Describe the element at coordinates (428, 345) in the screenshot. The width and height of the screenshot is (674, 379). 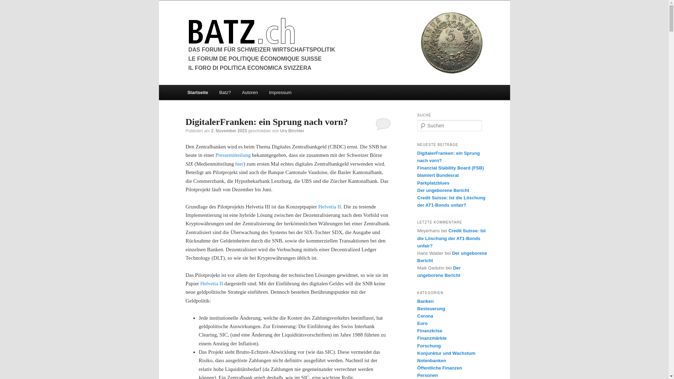
I see `'Forschung'` at that location.